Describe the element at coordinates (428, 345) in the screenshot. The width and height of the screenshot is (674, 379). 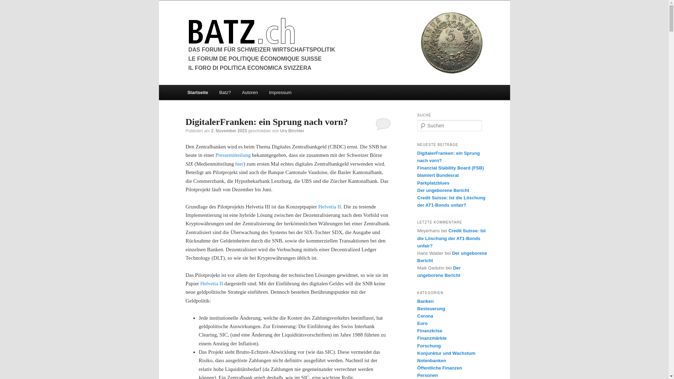
I see `'Forschung'` at that location.